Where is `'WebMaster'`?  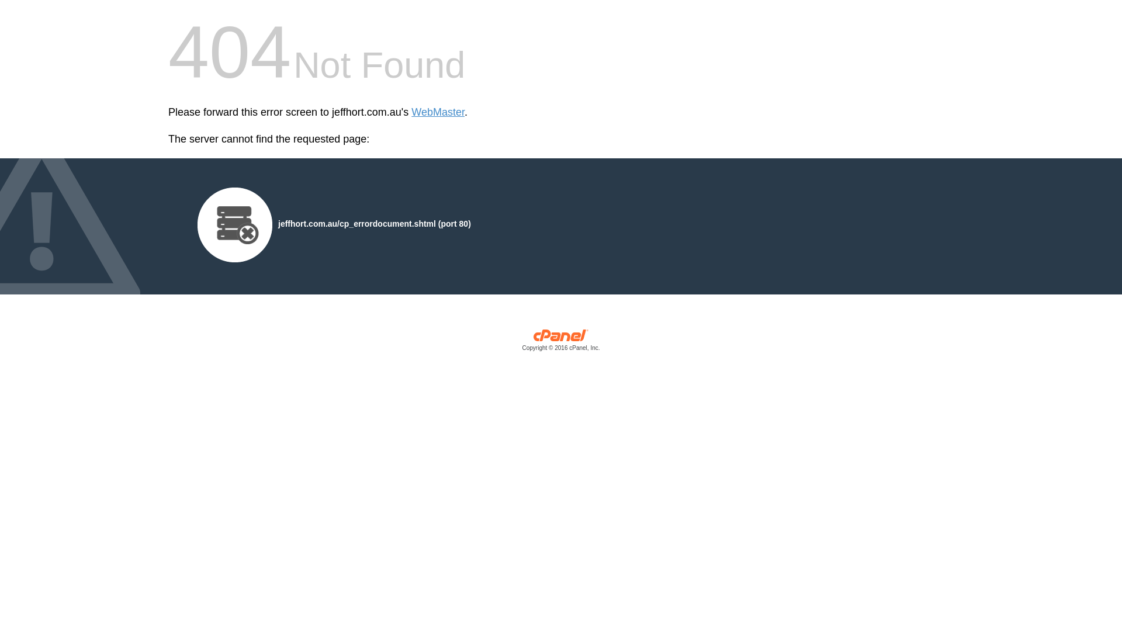
'WebMaster' is located at coordinates (437, 112).